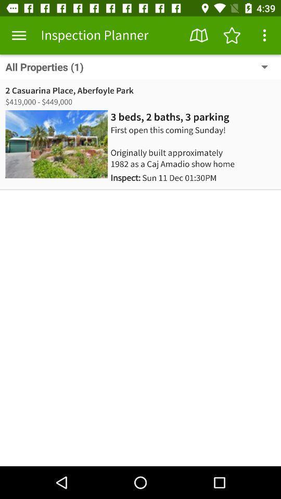 The image size is (281, 499). I want to click on open menu, so click(264, 35).